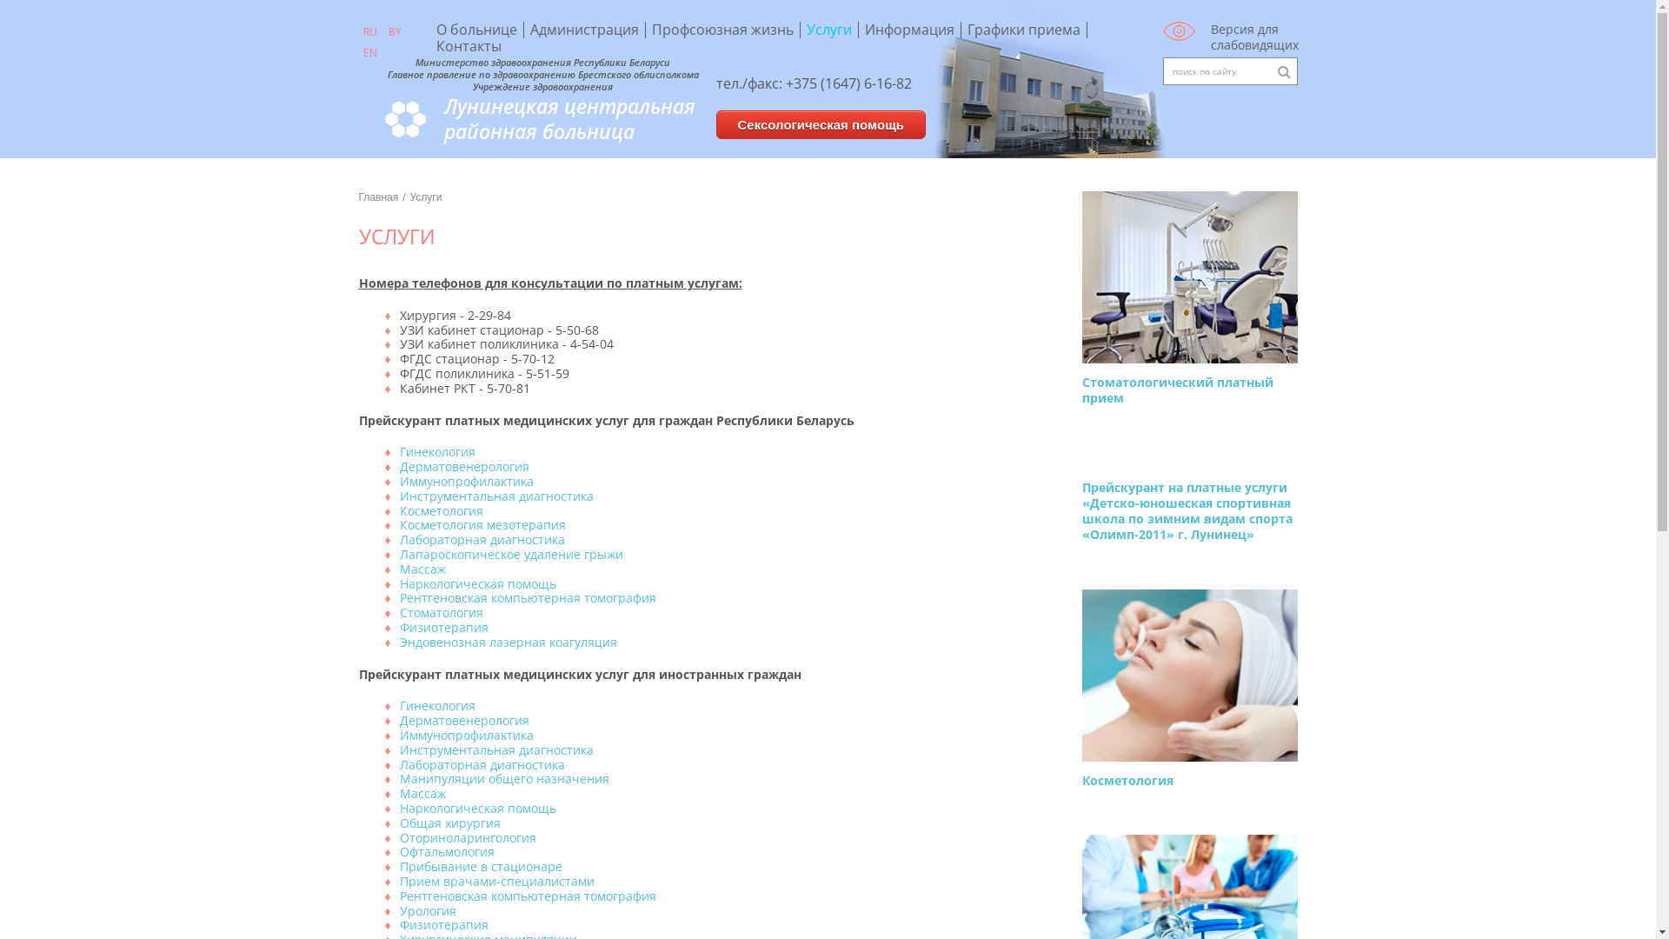 Image resolution: width=1669 pixels, height=939 pixels. I want to click on 'EN', so click(369, 52).